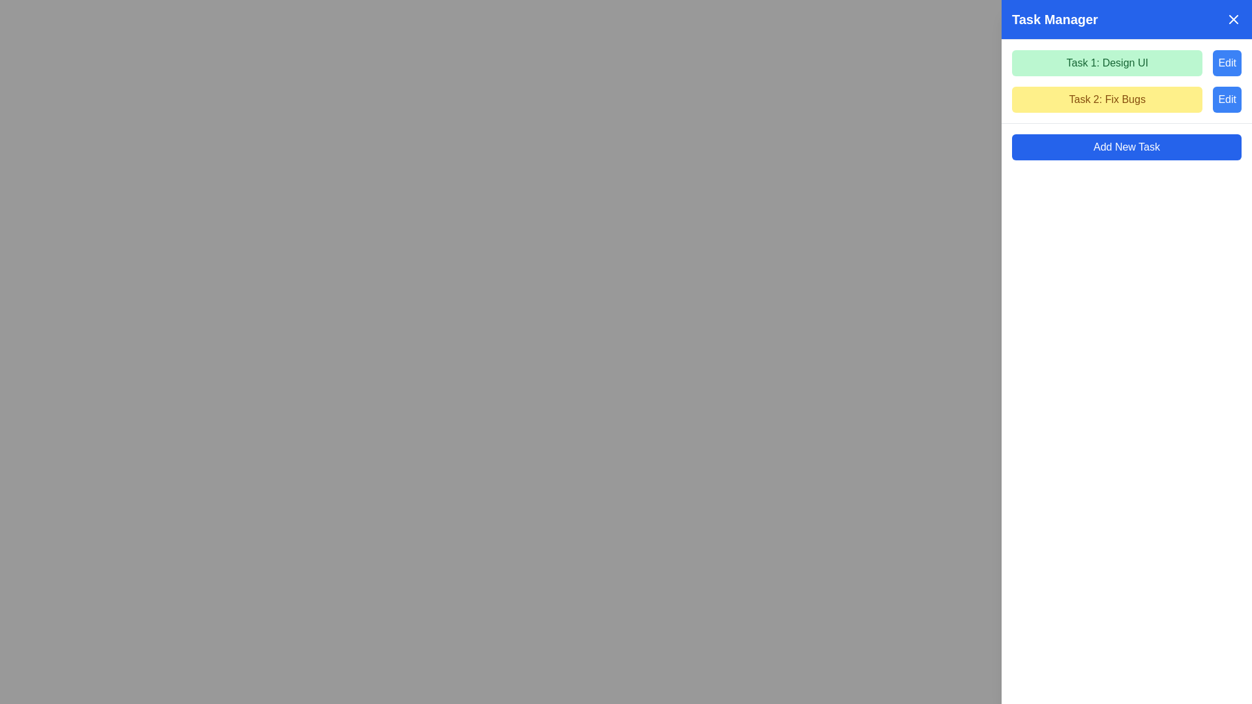 The width and height of the screenshot is (1252, 704). I want to click on the 'Edit' button with a bright blue background and white text located at the top-right corner of the Task Manager panel to initiate the edit action, so click(1227, 63).